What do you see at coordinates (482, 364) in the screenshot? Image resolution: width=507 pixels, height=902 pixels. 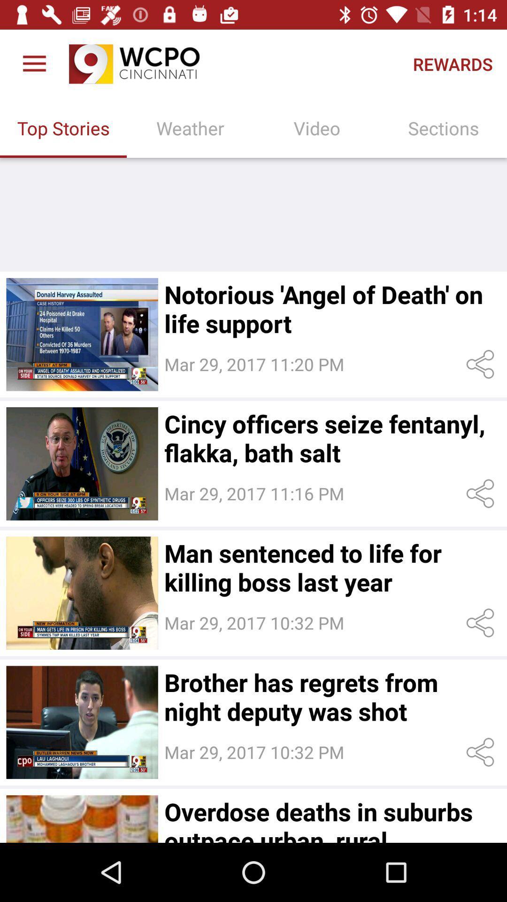 I see `open share links` at bounding box center [482, 364].